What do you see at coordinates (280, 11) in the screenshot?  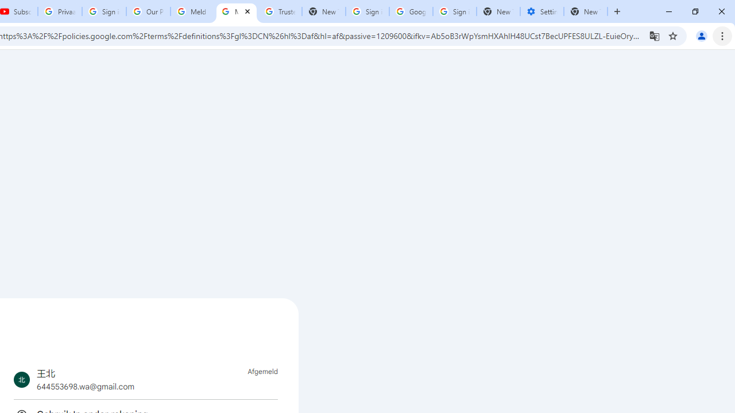 I see `'Trusted Information and Content - Google Safety Center'` at bounding box center [280, 11].